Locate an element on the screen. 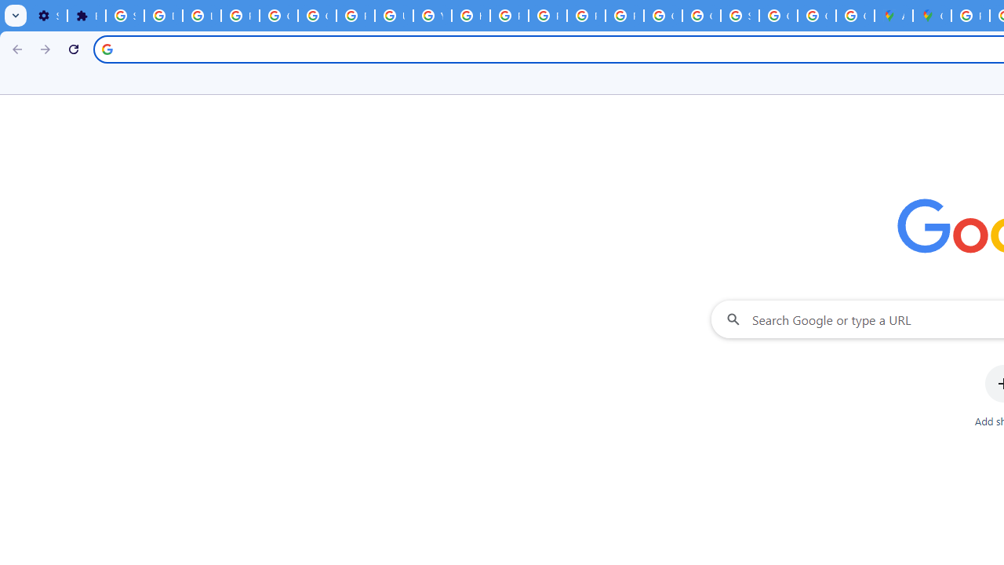  'Google Account Help' is located at coordinates (278, 16).